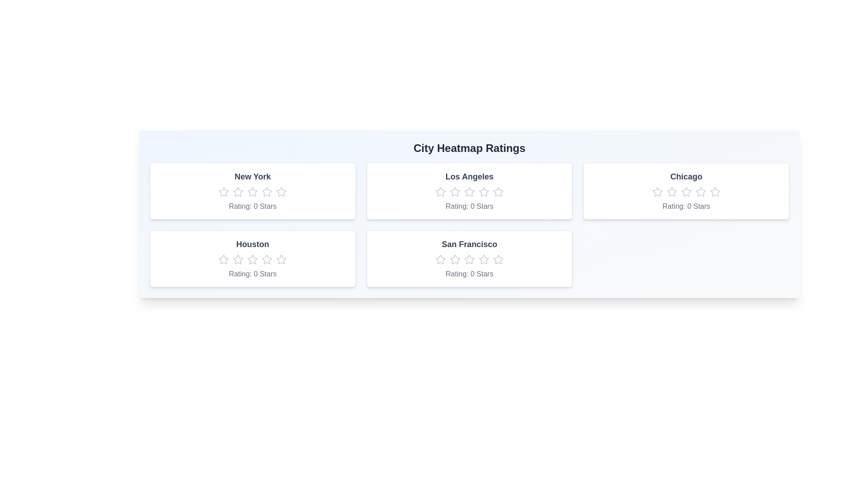  Describe the element at coordinates (714, 191) in the screenshot. I see `the Chicago rating star number 5` at that location.